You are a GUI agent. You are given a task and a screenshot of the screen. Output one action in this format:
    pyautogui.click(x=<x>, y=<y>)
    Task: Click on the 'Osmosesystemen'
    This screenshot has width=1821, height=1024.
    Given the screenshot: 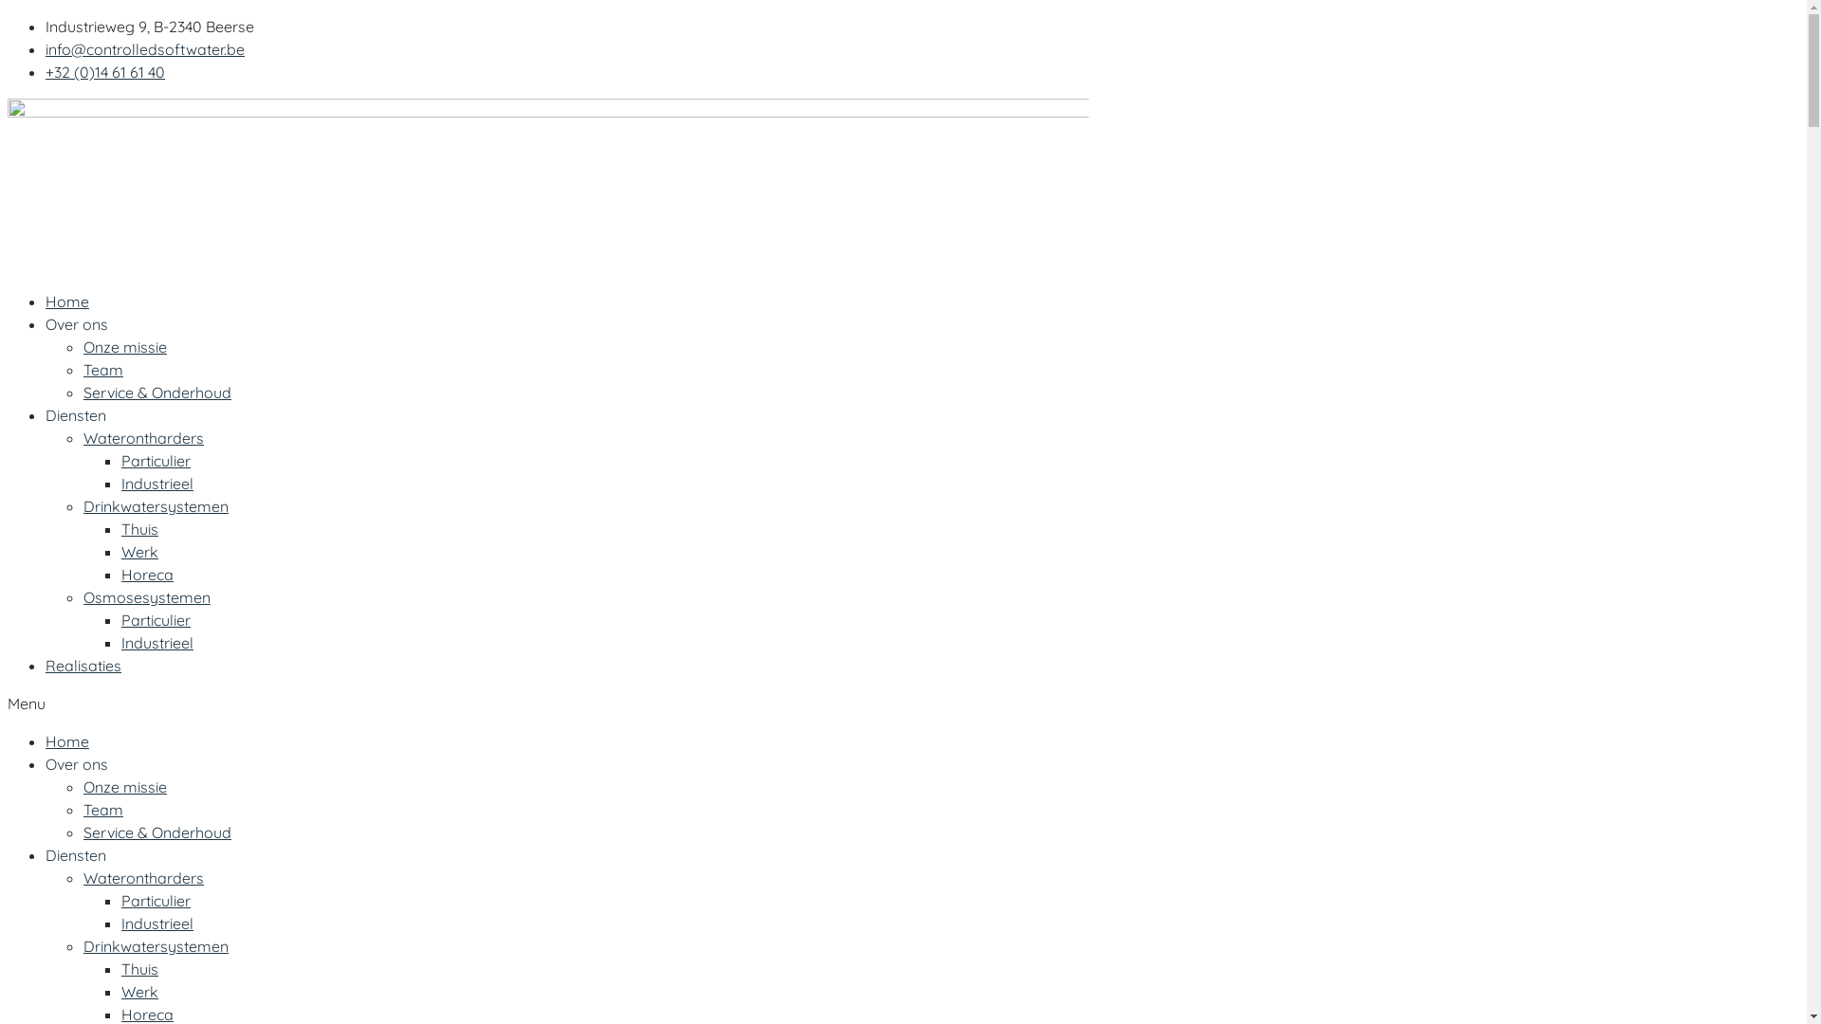 What is the action you would take?
    pyautogui.click(x=145, y=595)
    